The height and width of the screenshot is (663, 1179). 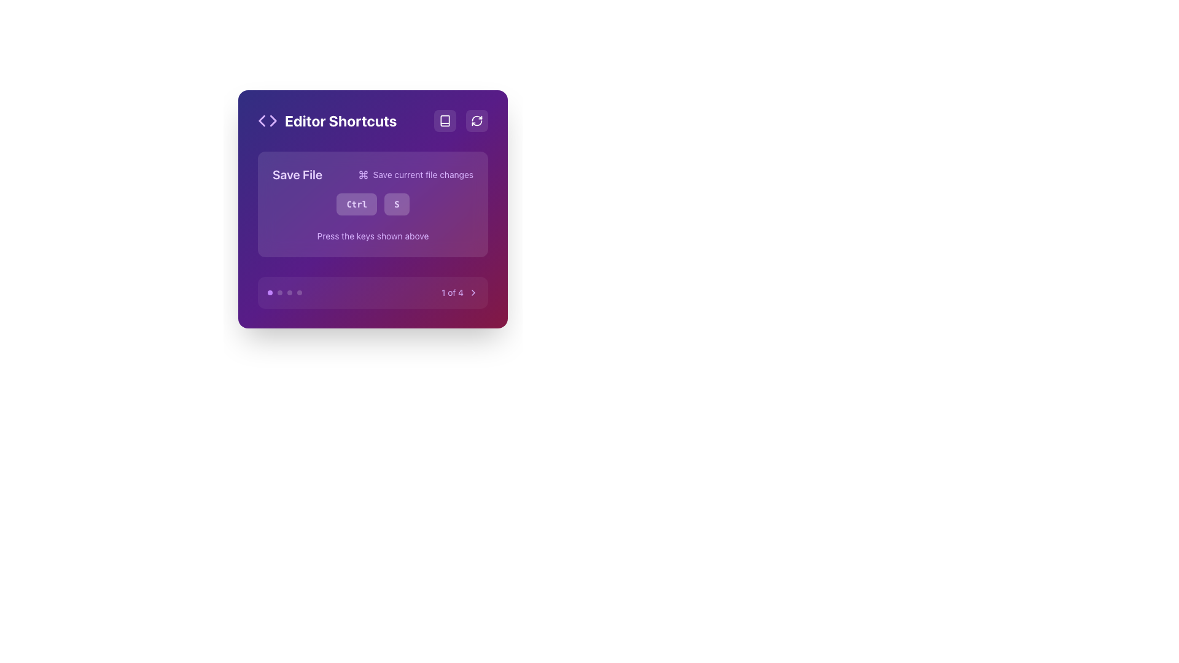 I want to click on the compact purple icon resembling a command or control symbol, located to the left of the 'Save current file changes' text in the 'Save File' shortcut description, so click(x=362, y=175).